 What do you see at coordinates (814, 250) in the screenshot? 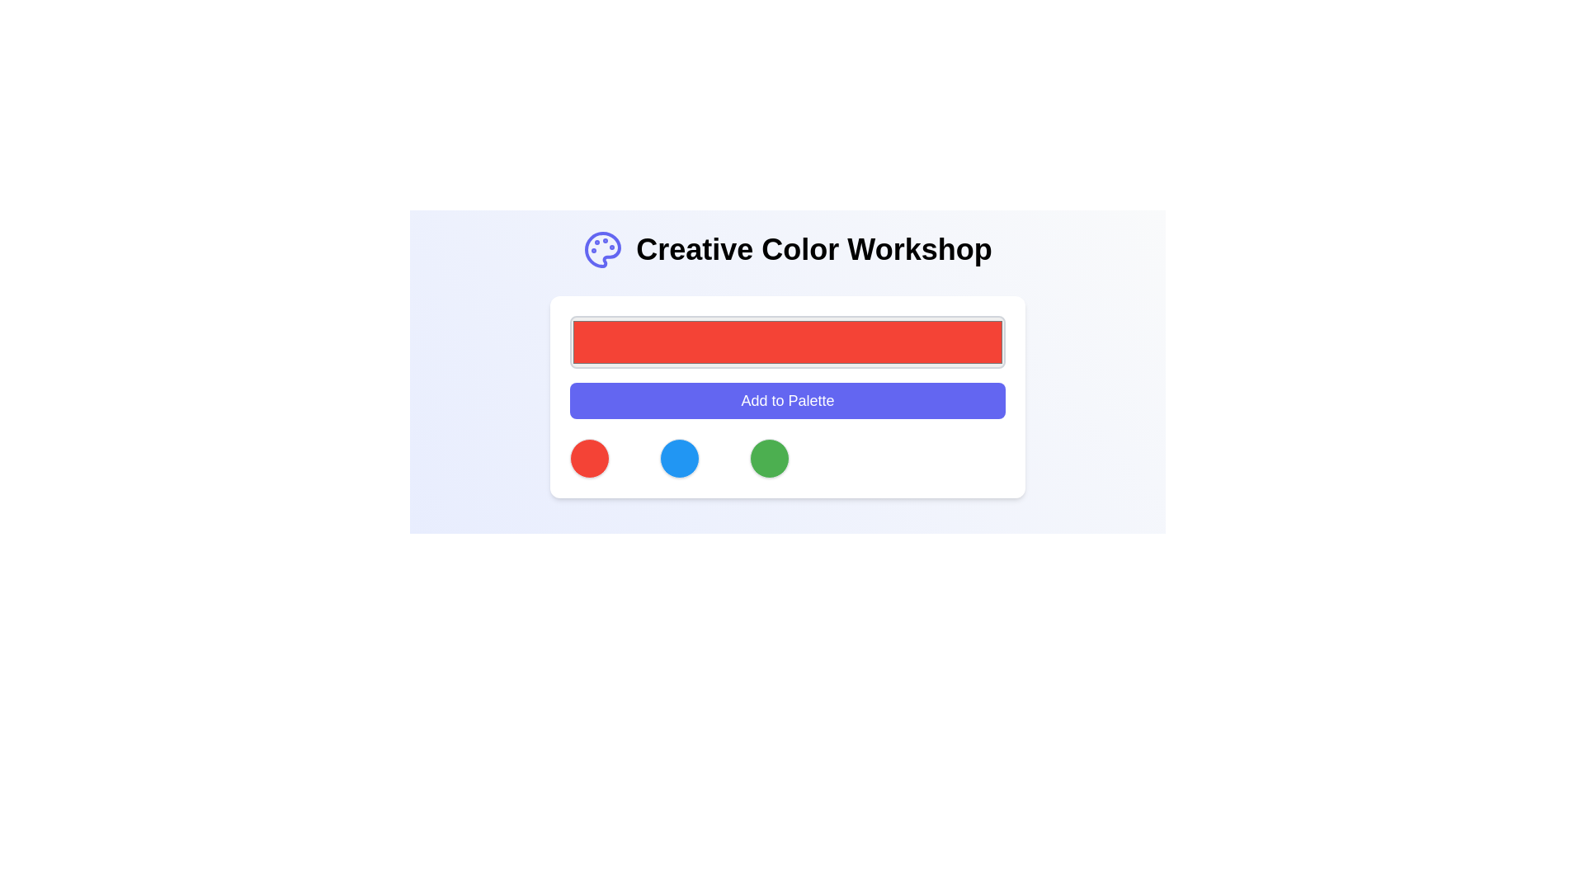
I see `the large, bold text label that reads 'Creative Color Workshop', prominently displayed in black, located at the top center of the interface` at bounding box center [814, 250].